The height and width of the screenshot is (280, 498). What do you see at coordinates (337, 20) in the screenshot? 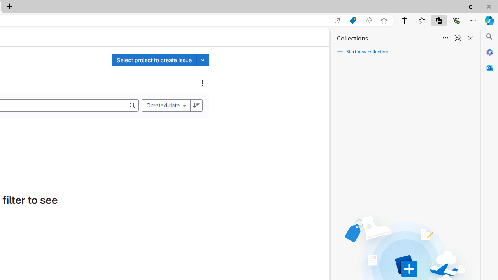
I see `'Open in app'` at bounding box center [337, 20].